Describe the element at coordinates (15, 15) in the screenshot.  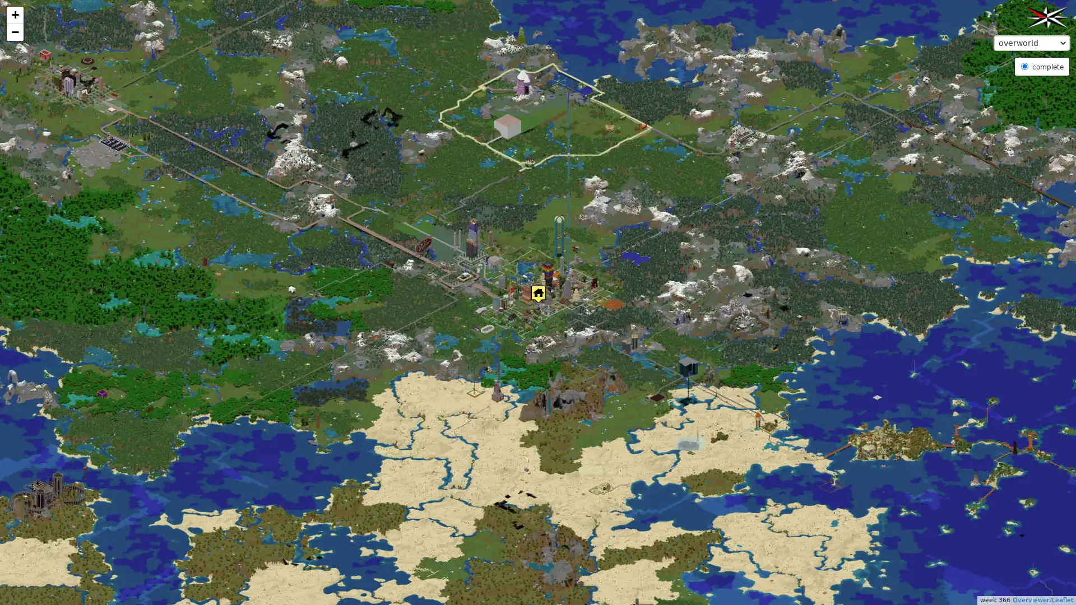
I see `Zoom in` at that location.